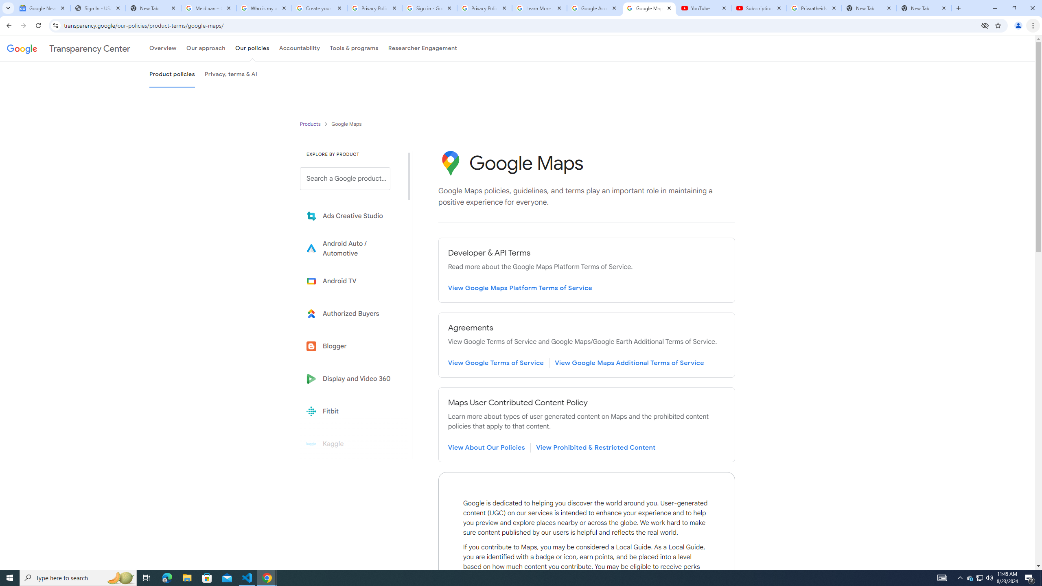 Image resolution: width=1042 pixels, height=586 pixels. I want to click on 'Sign in - Google Accounts', so click(429, 8).